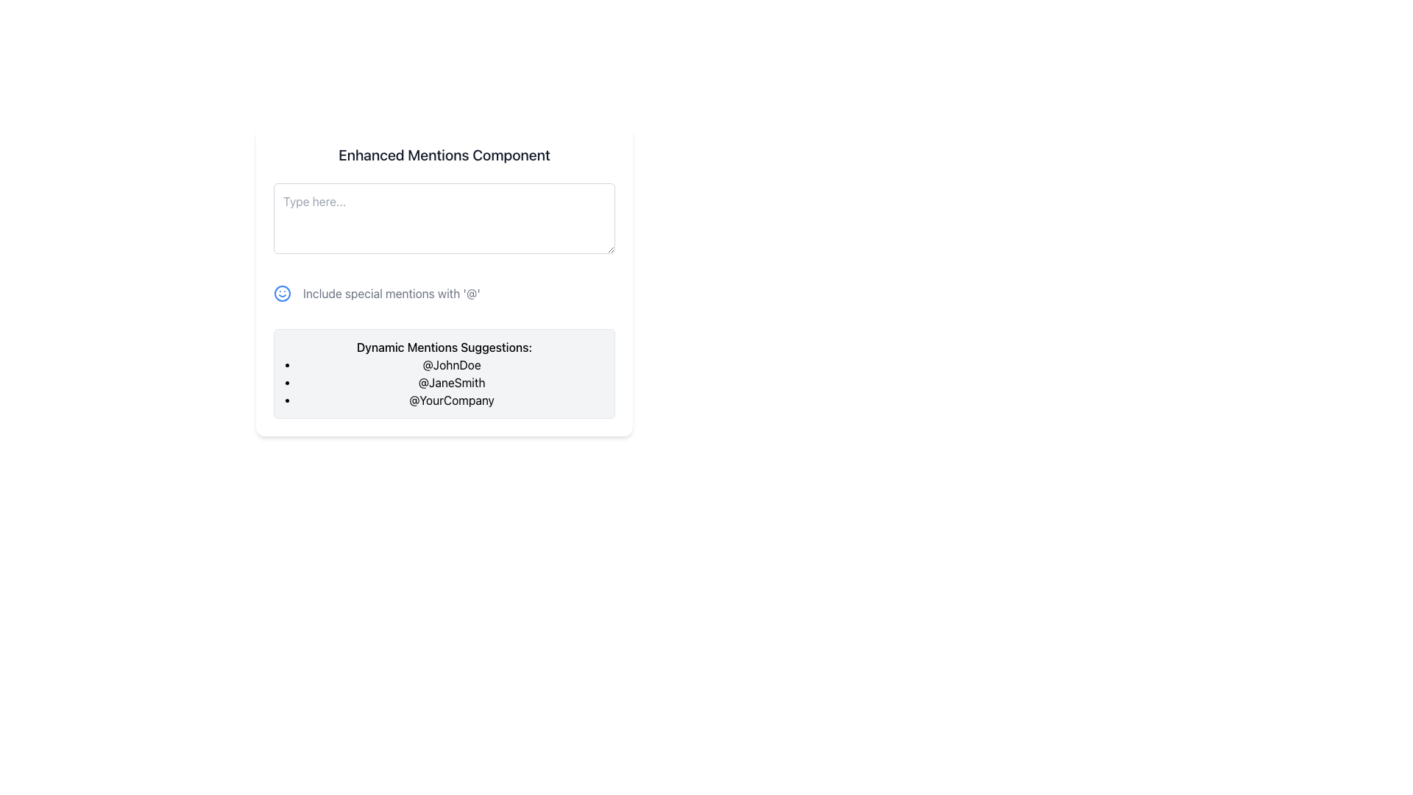 The height and width of the screenshot is (795, 1413). What do you see at coordinates (451, 382) in the screenshot?
I see `the text label '@JaneSmith' in the vertical list of mentions` at bounding box center [451, 382].